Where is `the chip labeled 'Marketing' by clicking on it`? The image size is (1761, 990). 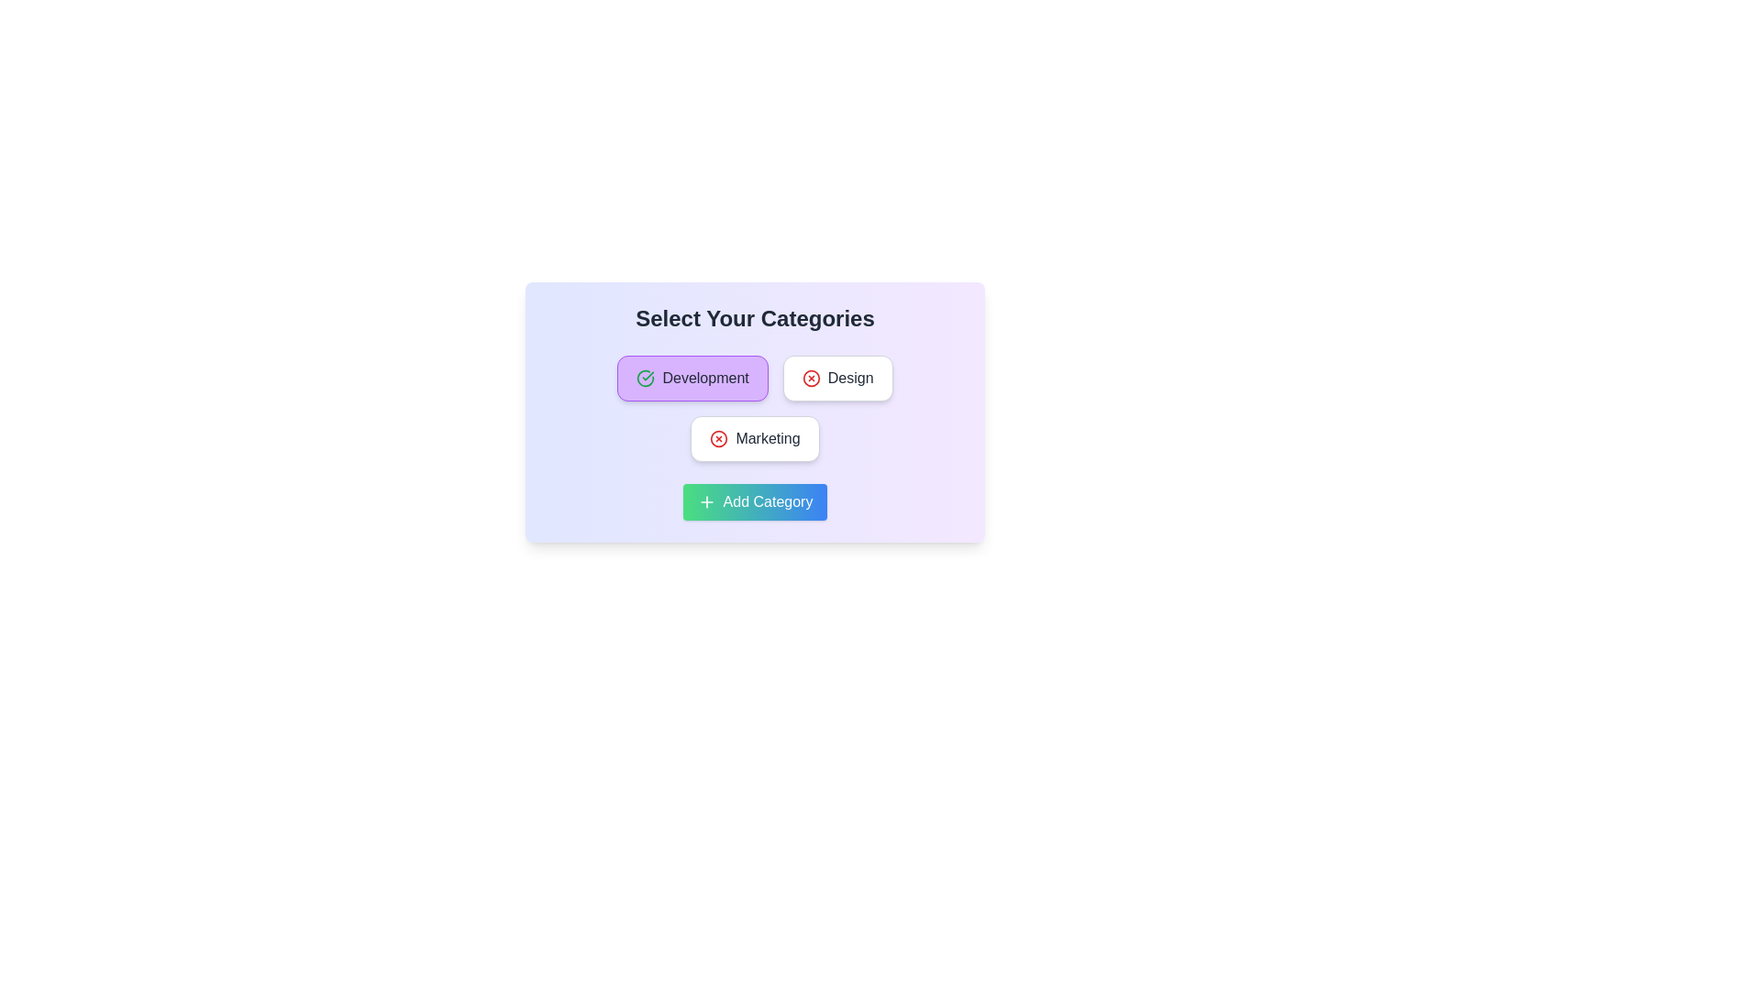 the chip labeled 'Marketing' by clicking on it is located at coordinates (755, 438).